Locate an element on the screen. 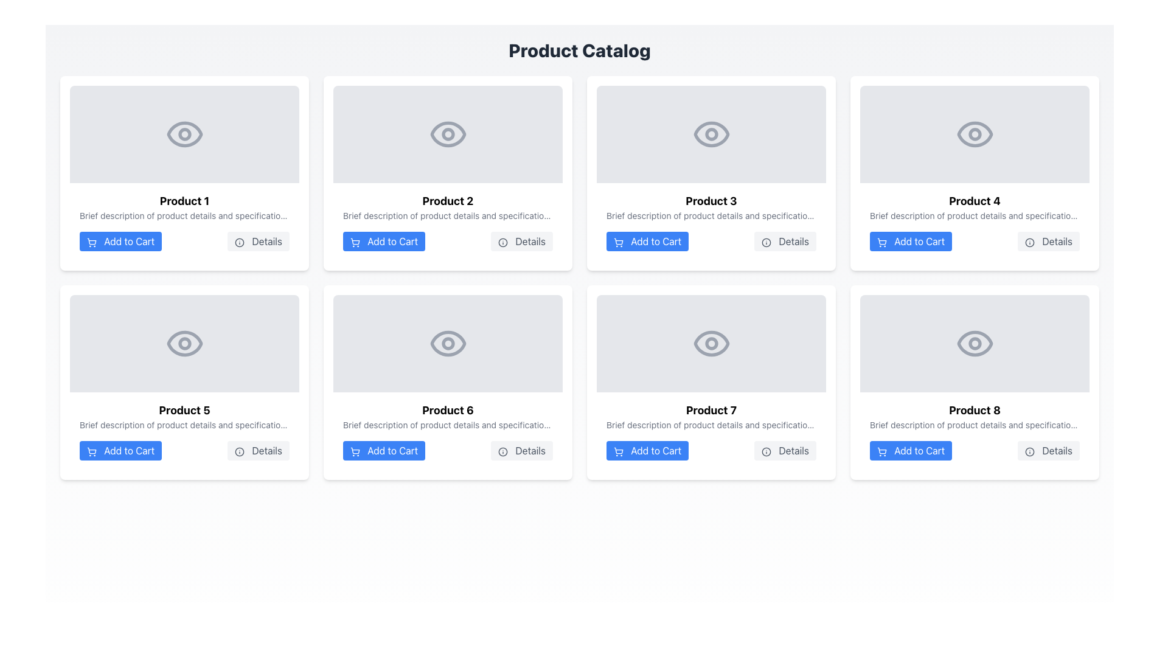 Image resolution: width=1168 pixels, height=657 pixels. the 'Add to Cart' button with a blue background and white text, which features a shopping cart icon on the left side is located at coordinates (911, 242).